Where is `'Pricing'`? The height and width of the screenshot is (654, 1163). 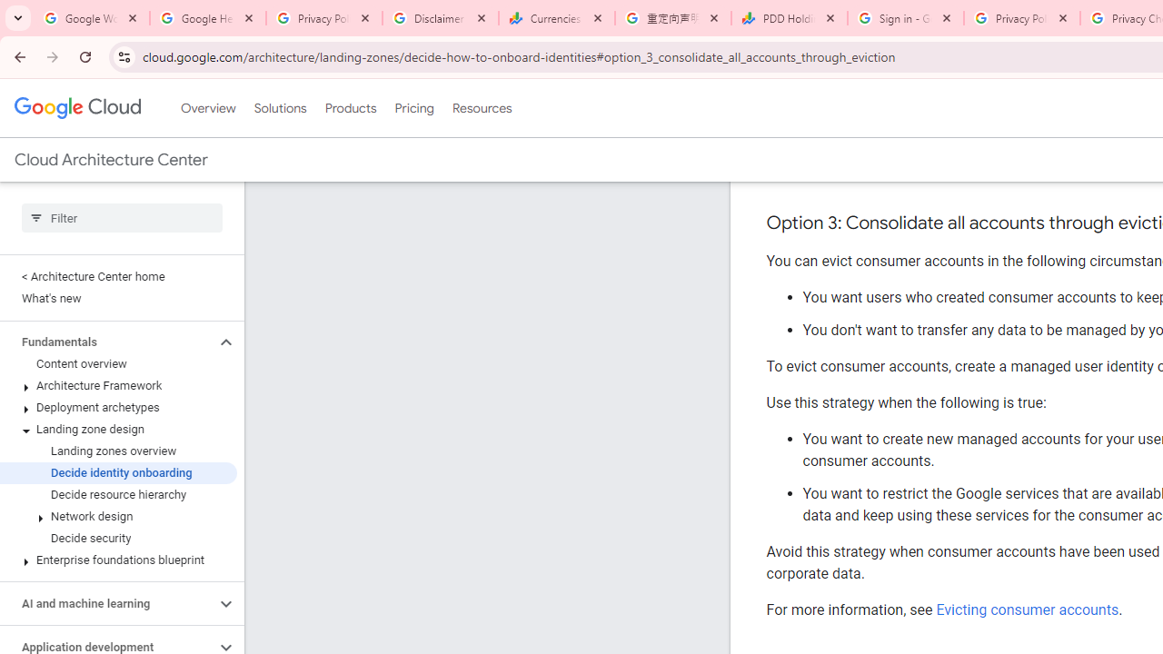
'Pricing' is located at coordinates (413, 108).